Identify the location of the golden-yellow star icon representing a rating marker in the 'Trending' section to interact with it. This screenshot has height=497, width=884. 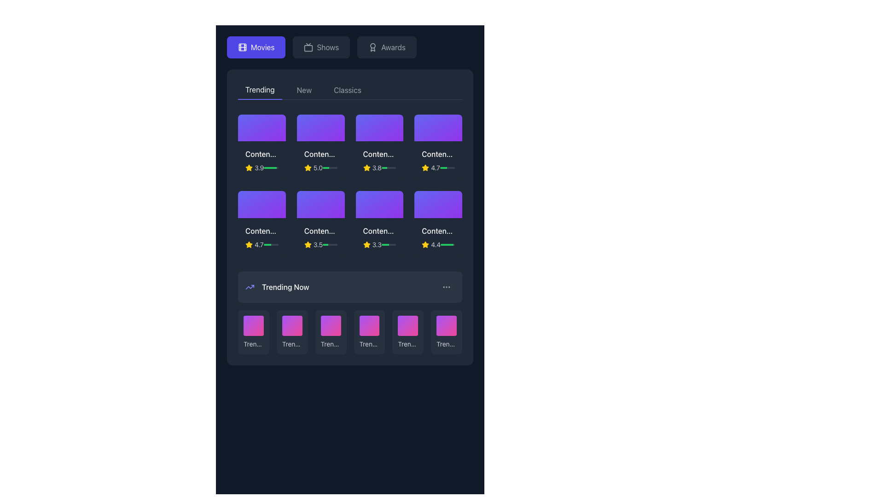
(249, 244).